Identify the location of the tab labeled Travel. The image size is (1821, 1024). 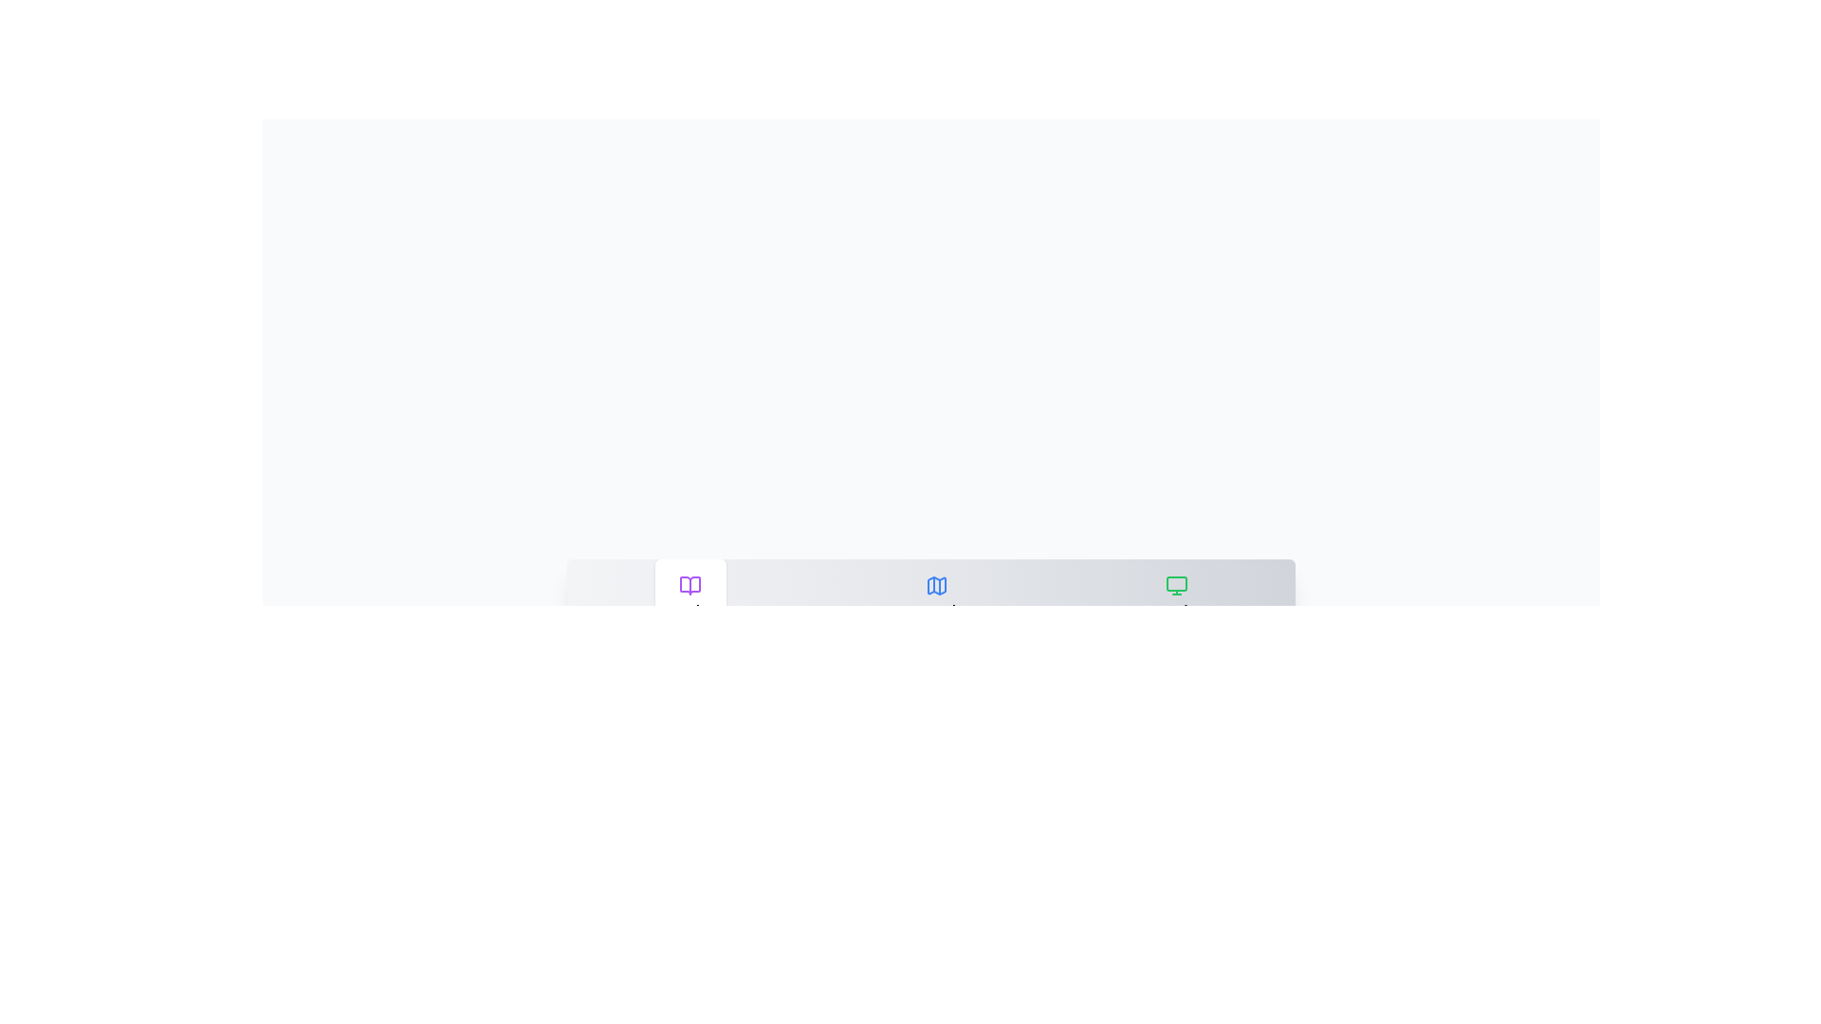
(936, 595).